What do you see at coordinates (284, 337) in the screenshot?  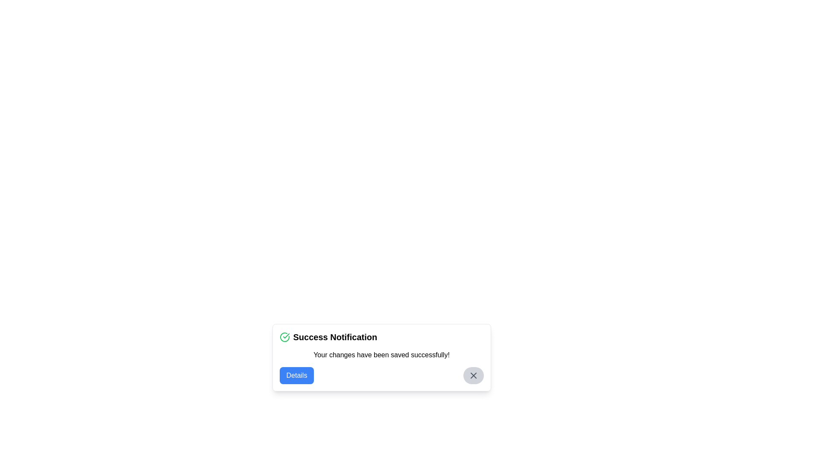 I see `the confirmation icon located in the top-left of the notification modal, which serves as a visual confirmation of success` at bounding box center [284, 337].